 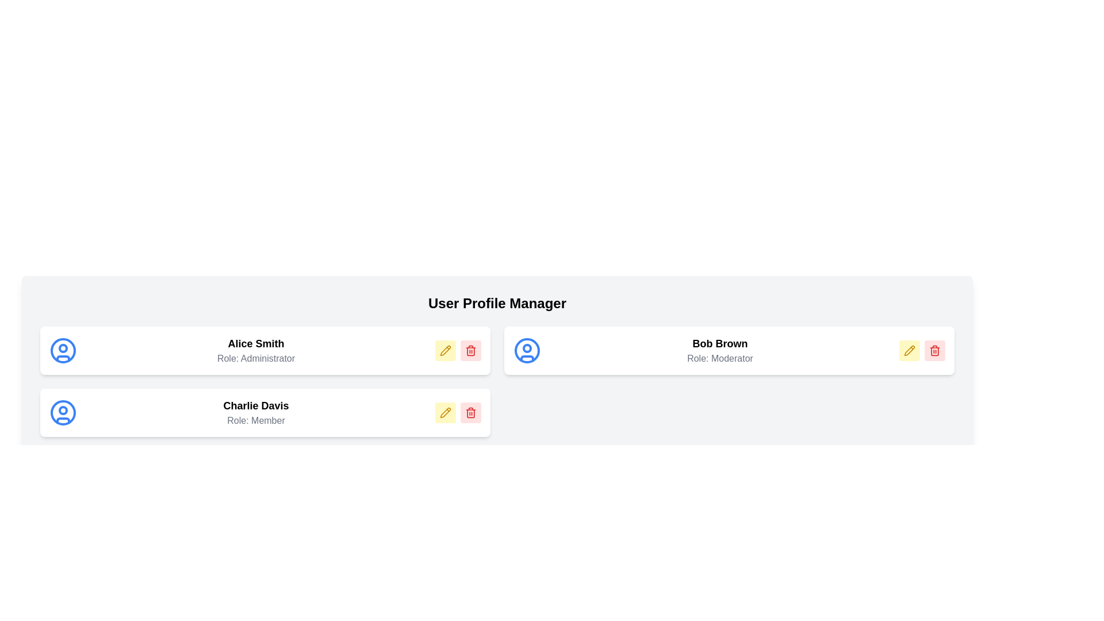 What do you see at coordinates (444, 412) in the screenshot?
I see `the small rectangular button with rounded corners, featuring a yellow background and a pencil icon` at bounding box center [444, 412].